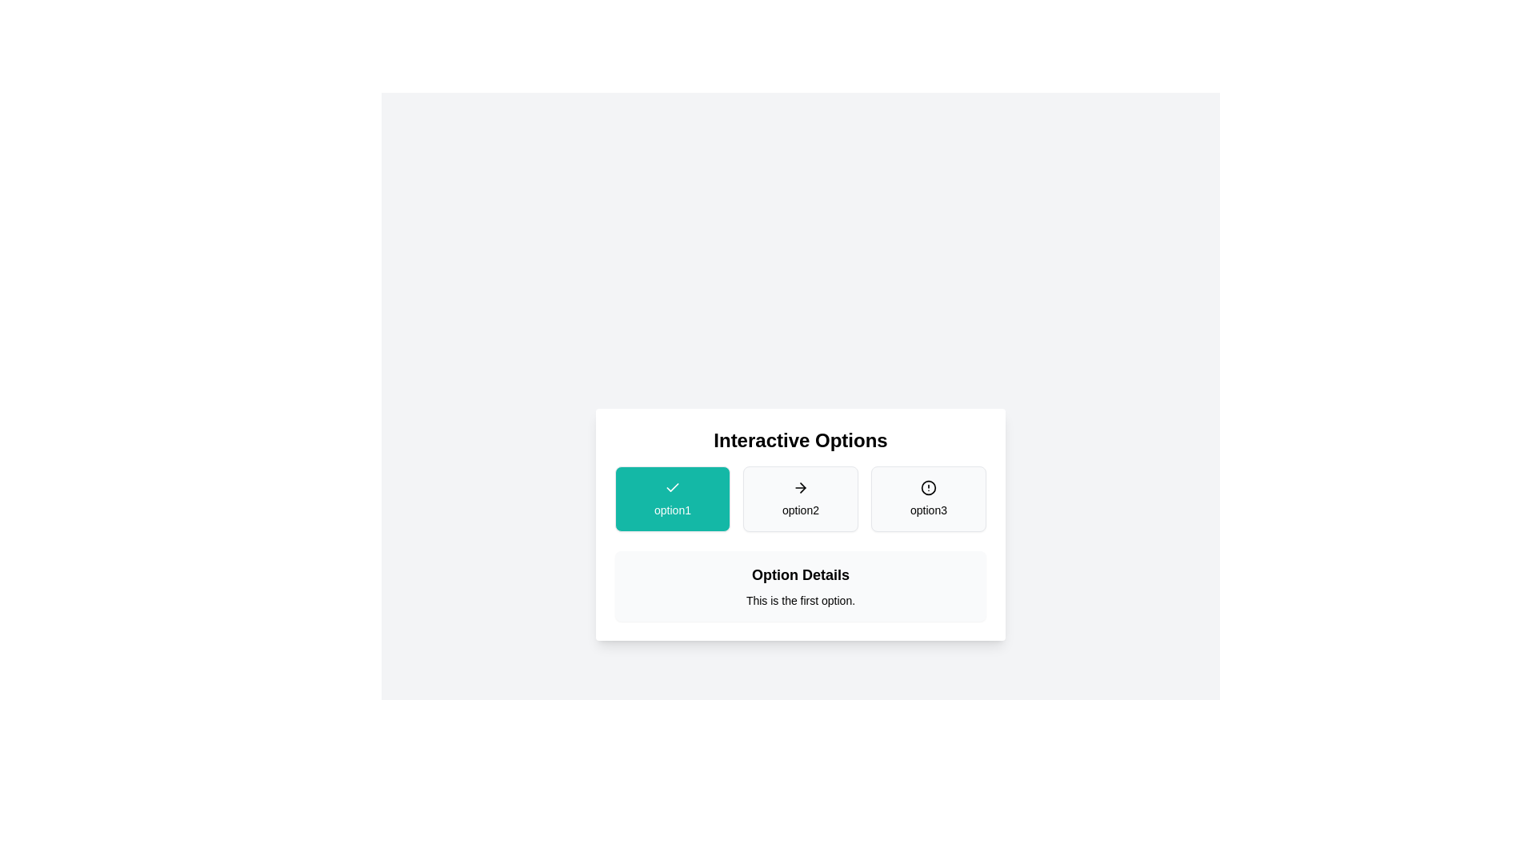 Image resolution: width=1536 pixels, height=864 pixels. Describe the element at coordinates (929, 510) in the screenshot. I see `the third text label in a horizontal sequence of interactive choices, which serves as a descriptor for the associated option card, located centrally below its corresponding circular icon` at that location.